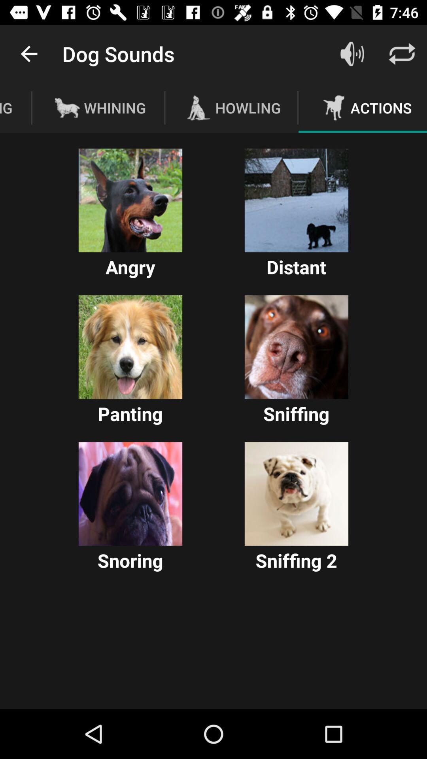 Image resolution: width=427 pixels, height=759 pixels. Describe the element at coordinates (352, 53) in the screenshot. I see `the item next to howling item` at that location.